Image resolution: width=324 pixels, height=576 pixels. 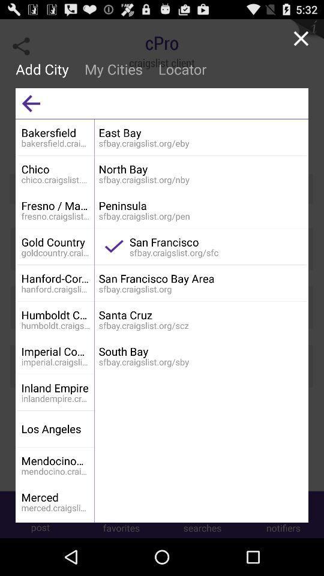 I want to click on the app below sfbay.craigslist.org app, so click(x=200, y=314).